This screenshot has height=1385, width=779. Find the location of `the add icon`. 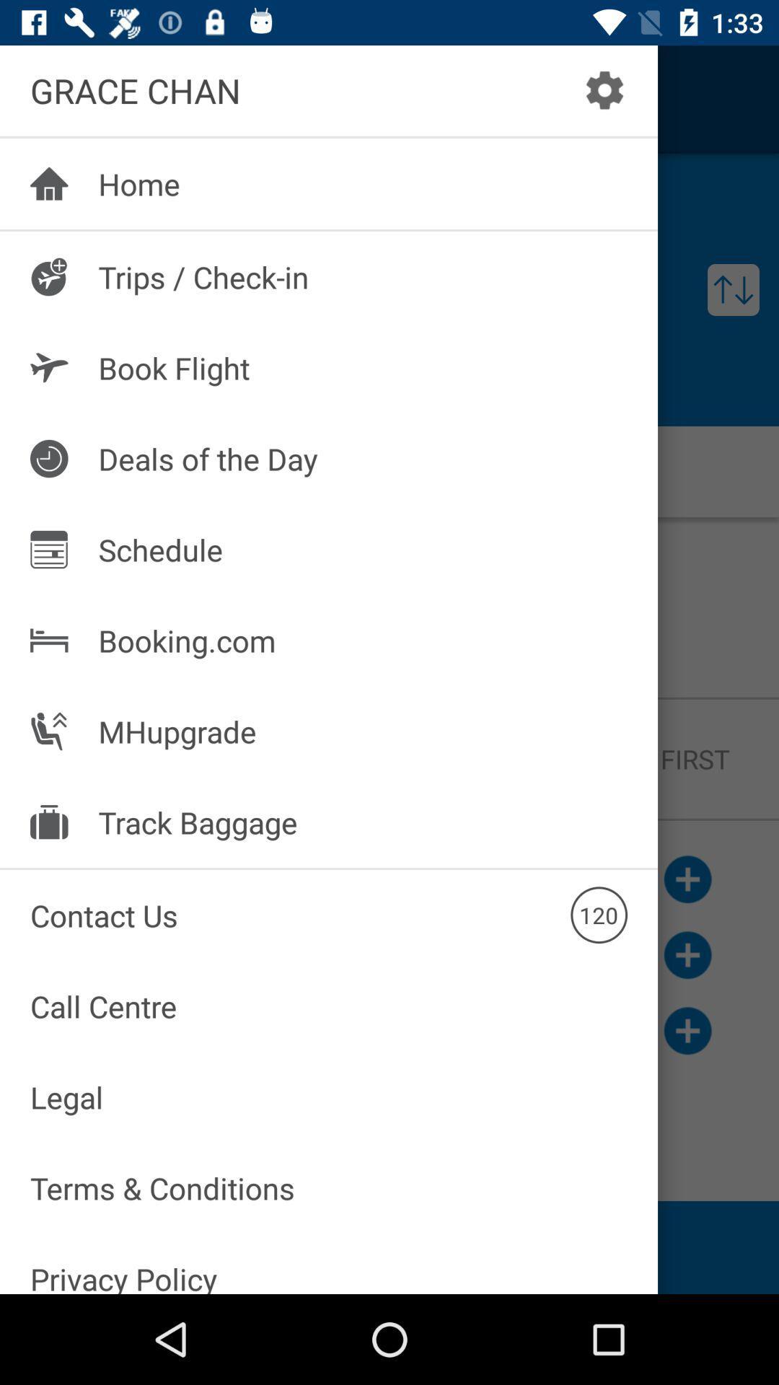

the add icon is located at coordinates (687, 1030).